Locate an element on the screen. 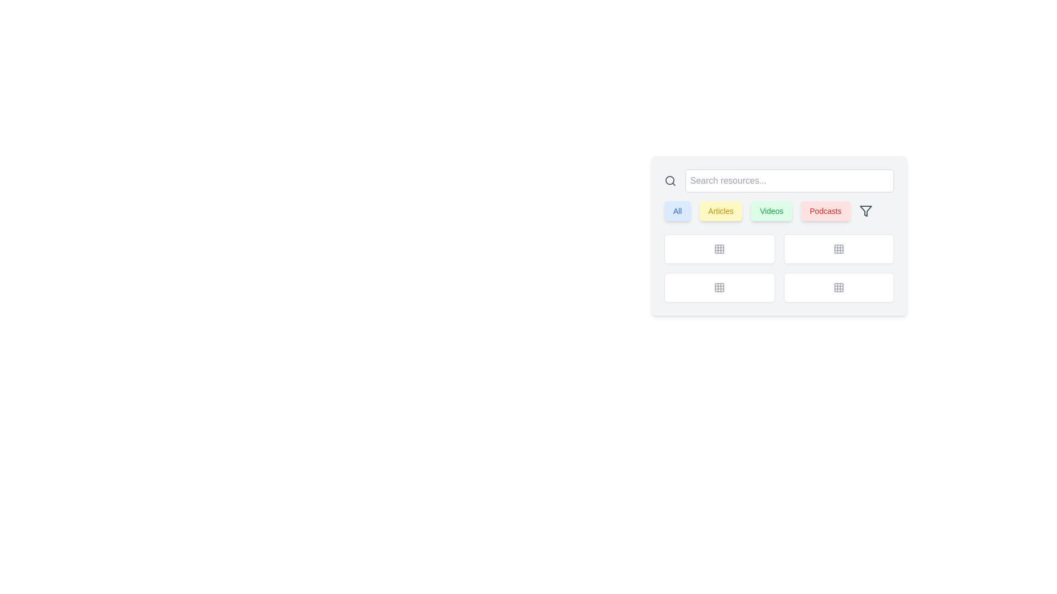 This screenshot has height=594, width=1057. the button with an embedded grid icon located in the bottom-right position of a 2x2 grid layout is located at coordinates (838, 287).